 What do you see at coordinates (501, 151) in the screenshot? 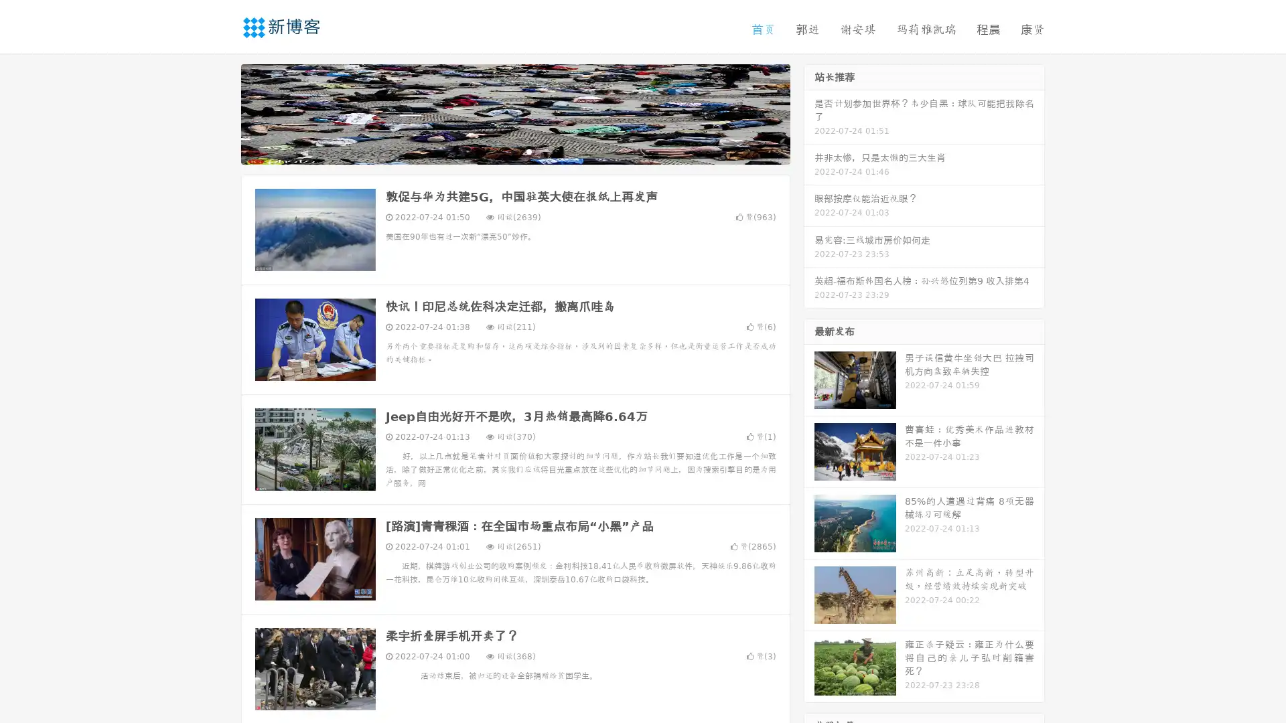
I see `Go to slide 1` at bounding box center [501, 151].